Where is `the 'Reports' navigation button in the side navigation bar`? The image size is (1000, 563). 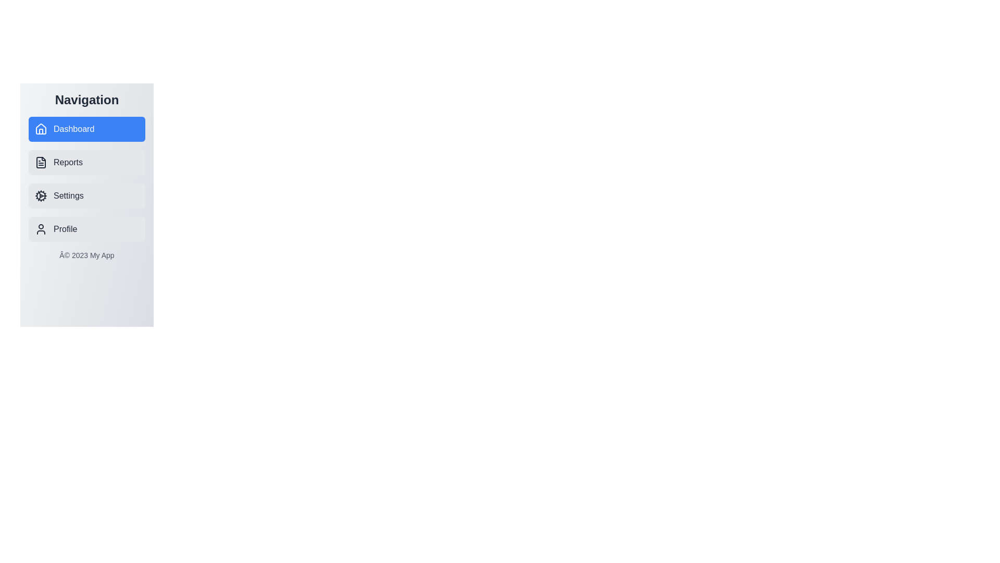 the 'Reports' navigation button in the side navigation bar is located at coordinates (87, 163).